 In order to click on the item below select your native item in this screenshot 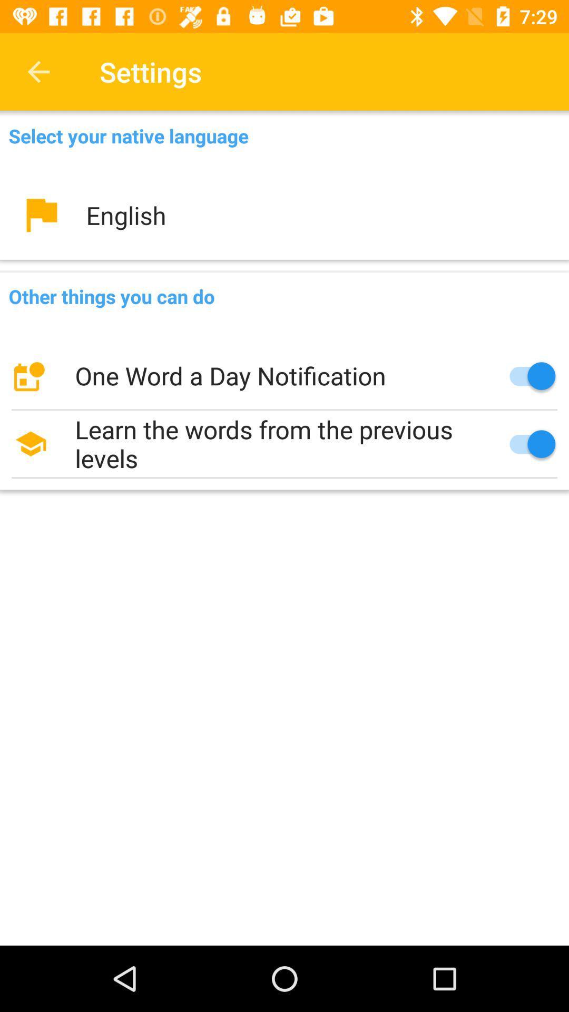, I will do `click(284, 215)`.